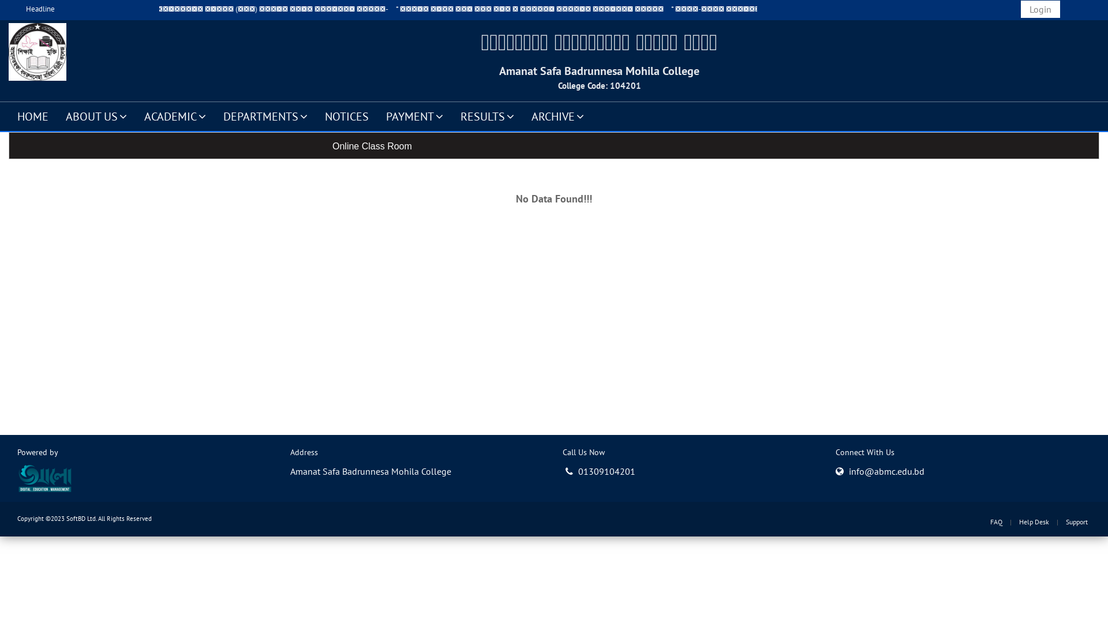  Describe the element at coordinates (1034, 521) in the screenshot. I see `'Help Desk'` at that location.